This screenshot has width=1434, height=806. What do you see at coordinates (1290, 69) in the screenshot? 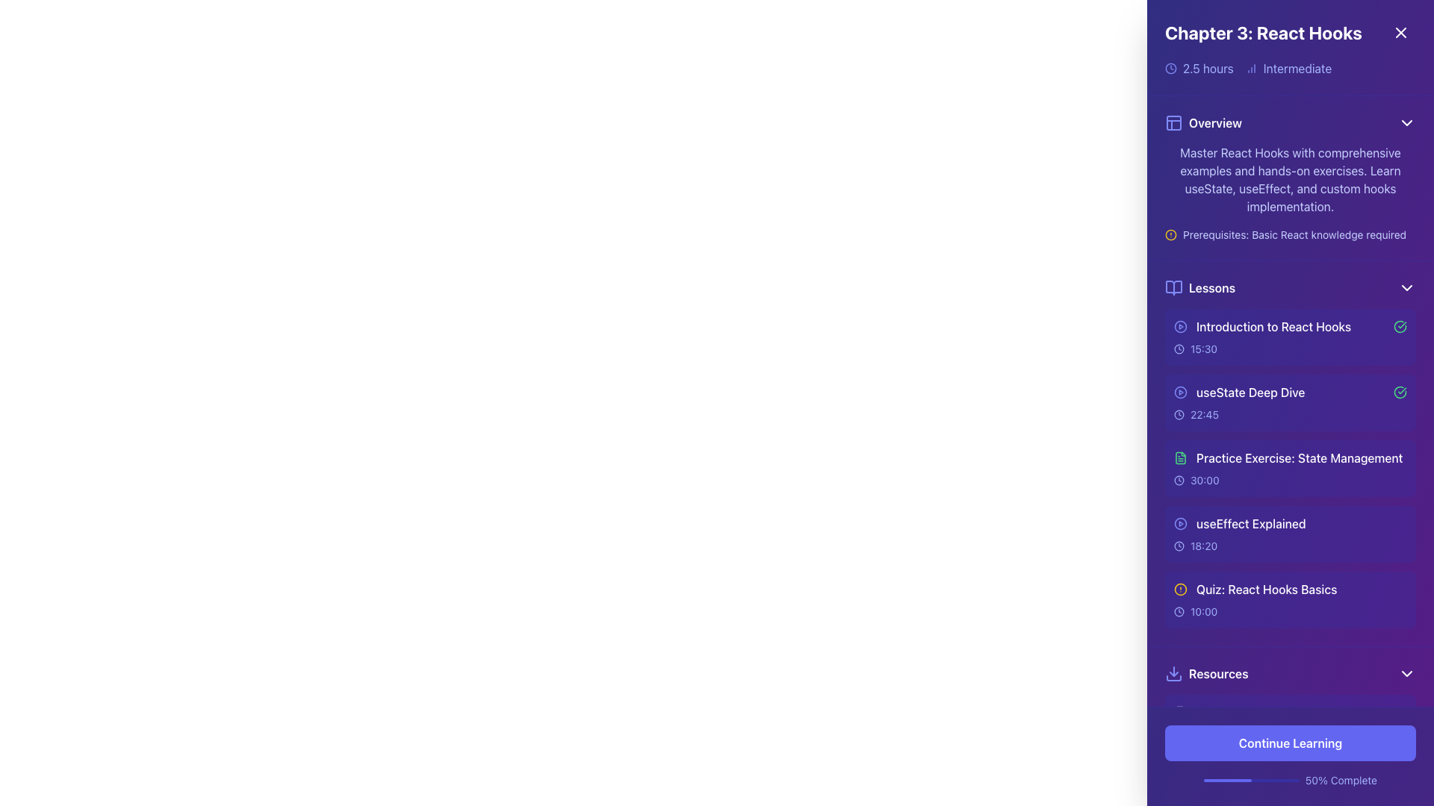
I see `the descriptive label for 'React Hooks' which provides information about the duration and difficulty level, located beneath the header 'Chapter 3: React Hooks.'` at bounding box center [1290, 69].